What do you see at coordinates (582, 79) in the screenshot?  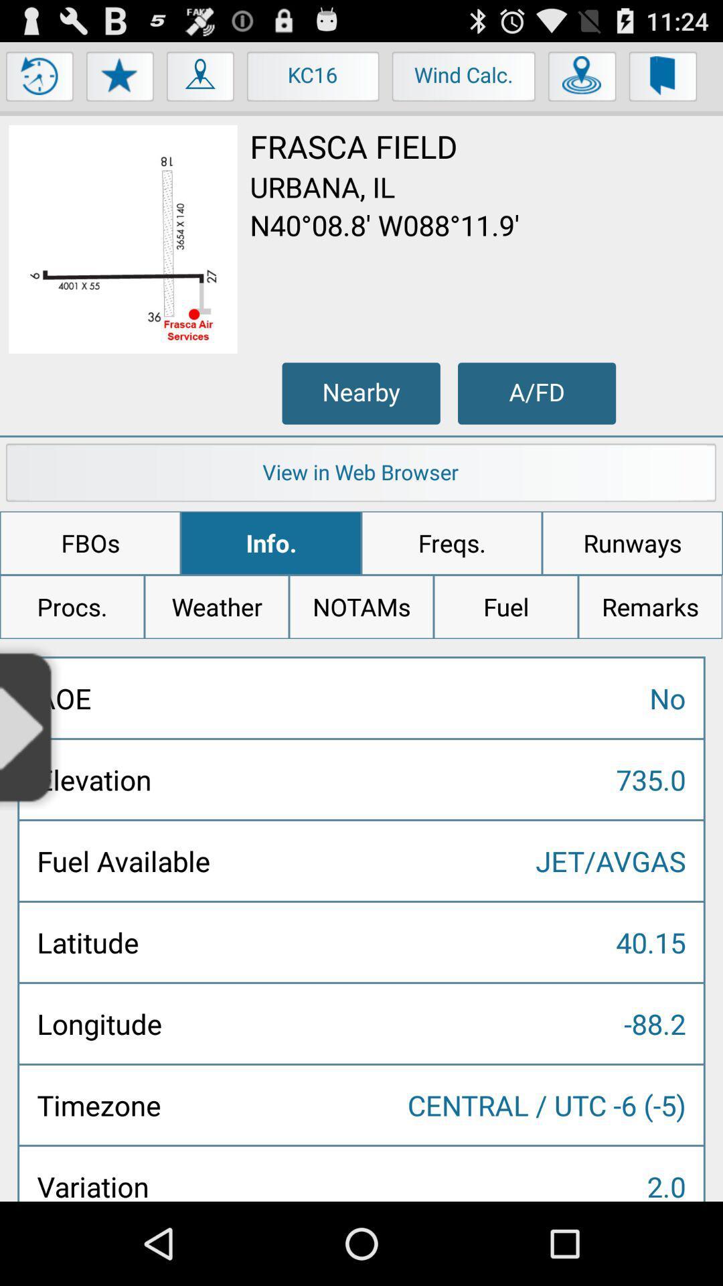 I see `item to the right of the wind calc. item` at bounding box center [582, 79].